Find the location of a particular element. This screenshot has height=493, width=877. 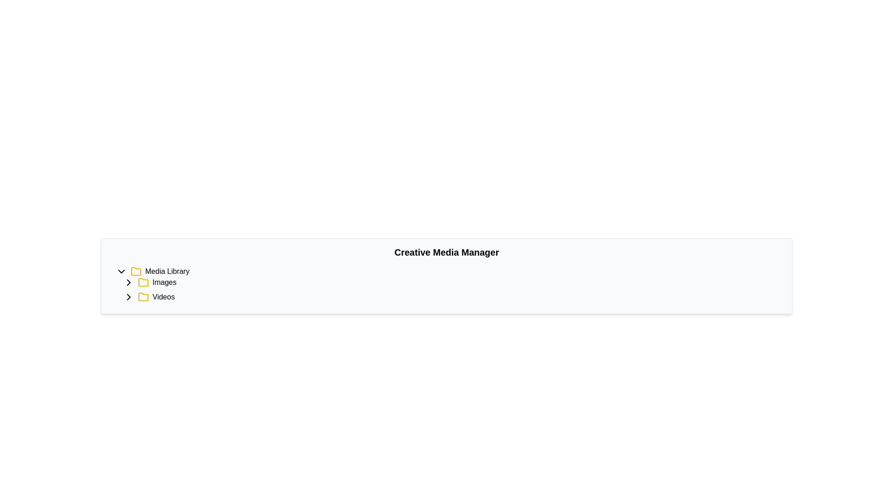

the 'Videos' category icon, which is a folder icon located directly before the text 'Videos' in a list of items is located at coordinates (143, 297).